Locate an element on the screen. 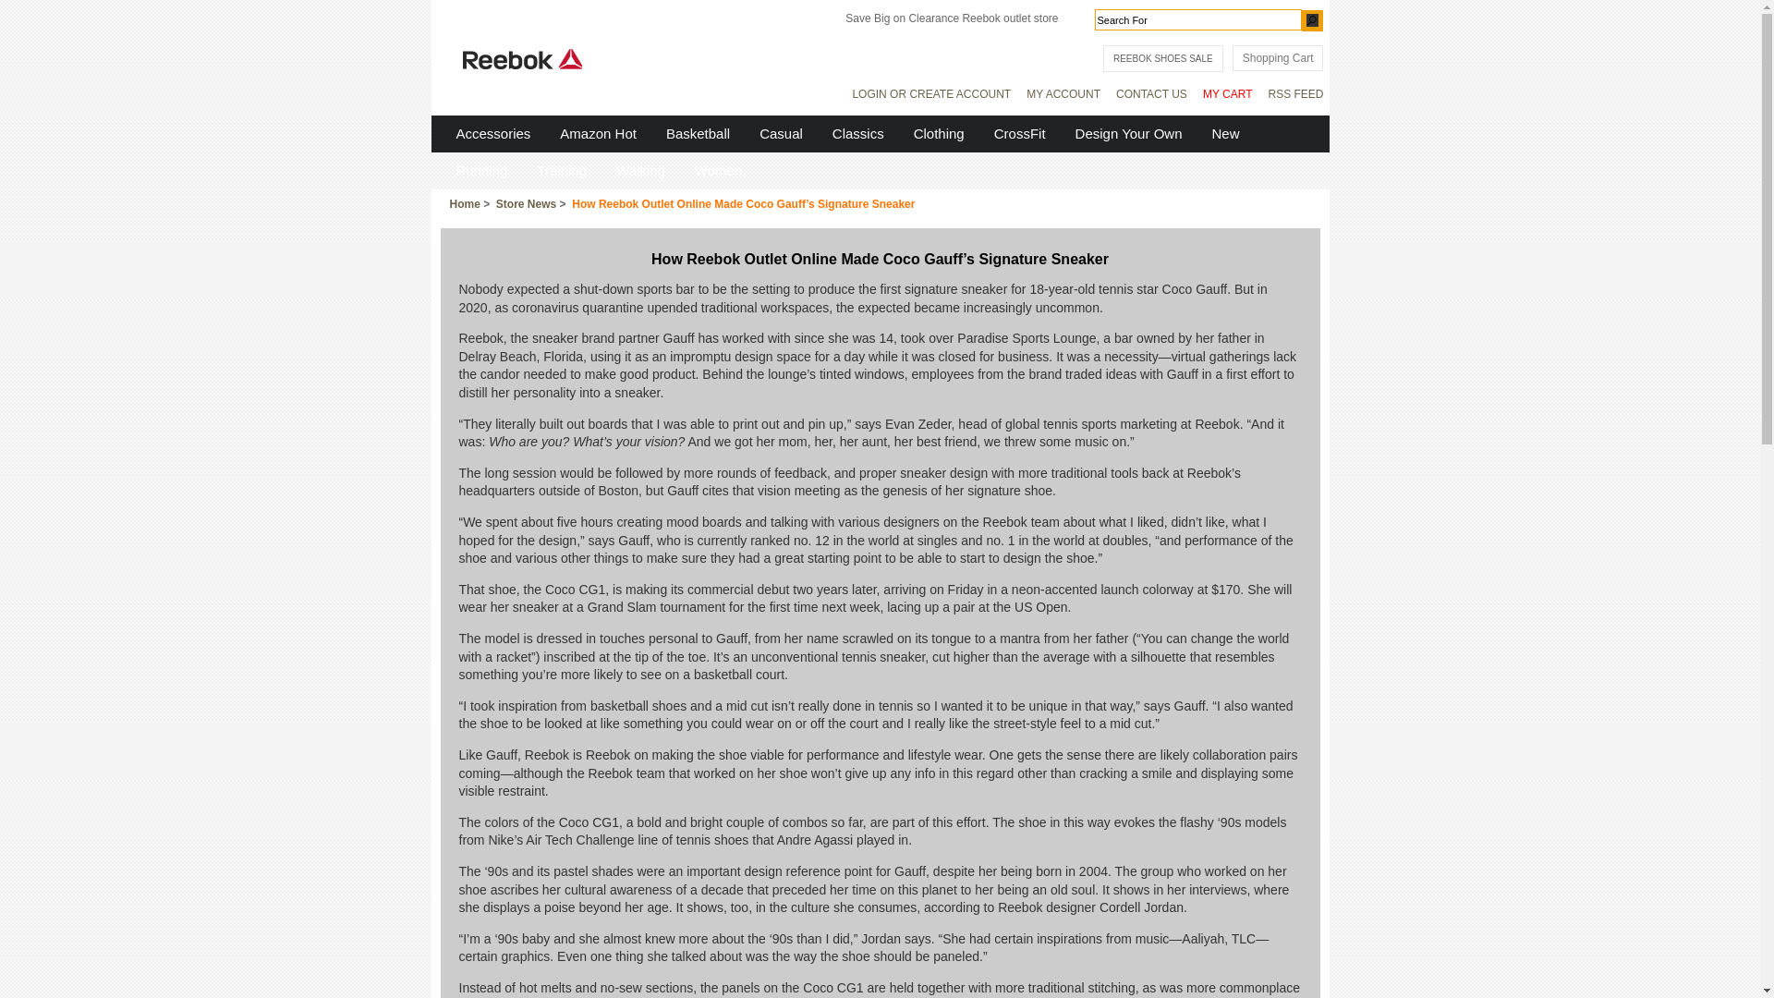 The width and height of the screenshot is (1774, 998). 'Amazon Hot' is located at coordinates (598, 131).